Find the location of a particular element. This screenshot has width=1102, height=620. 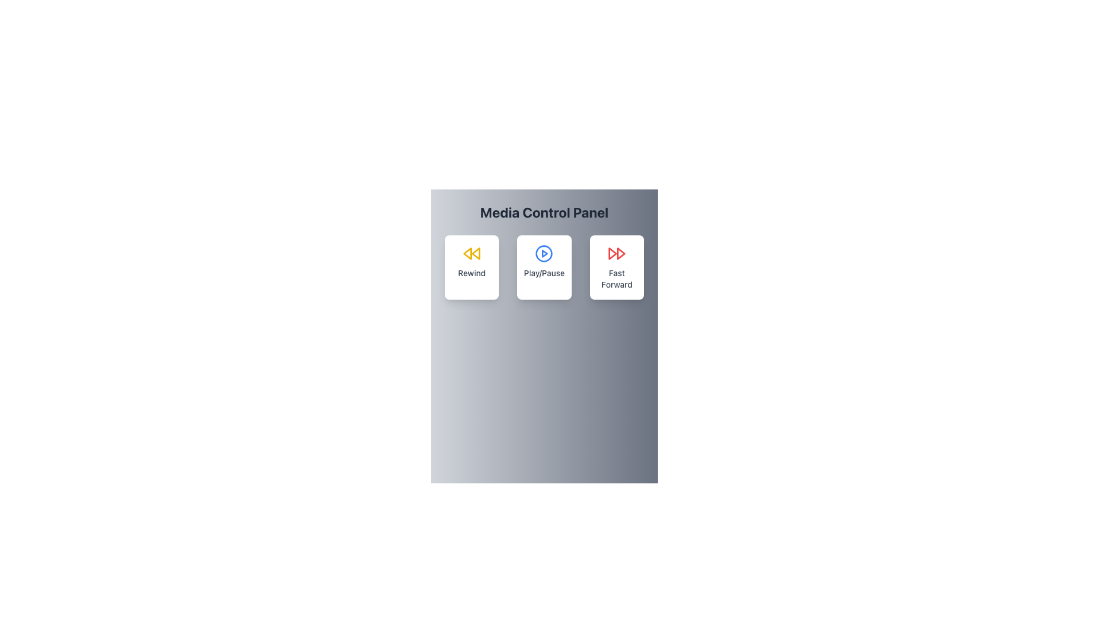

the middle button in the Media Control Panel is located at coordinates (544, 268).